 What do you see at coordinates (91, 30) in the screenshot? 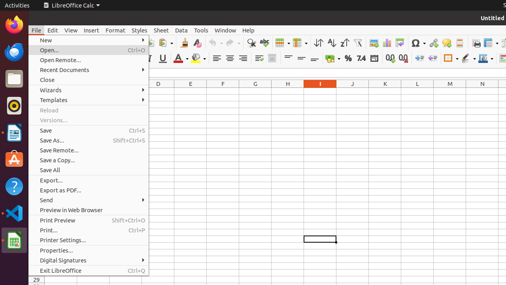
I see `'Insert'` at bounding box center [91, 30].